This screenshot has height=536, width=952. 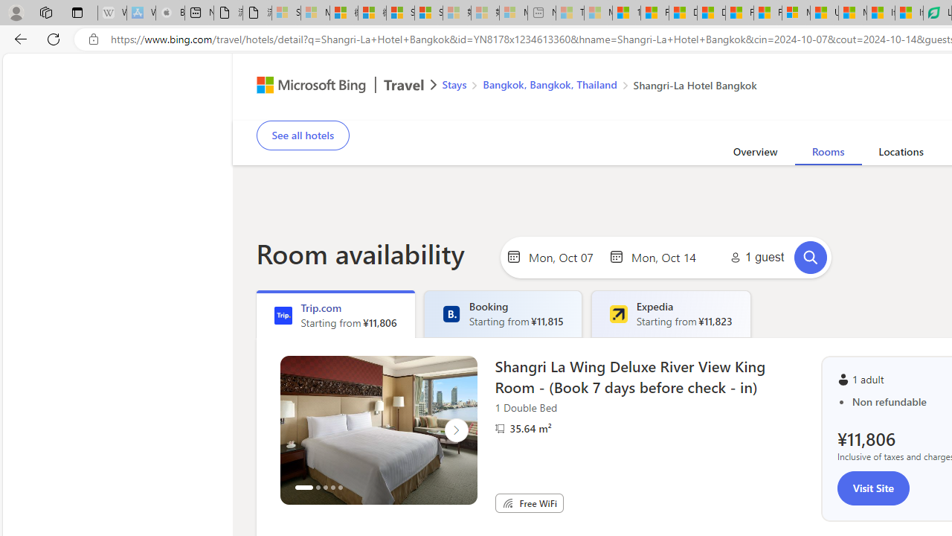 I want to click on 'Visit Site', so click(x=872, y=488).